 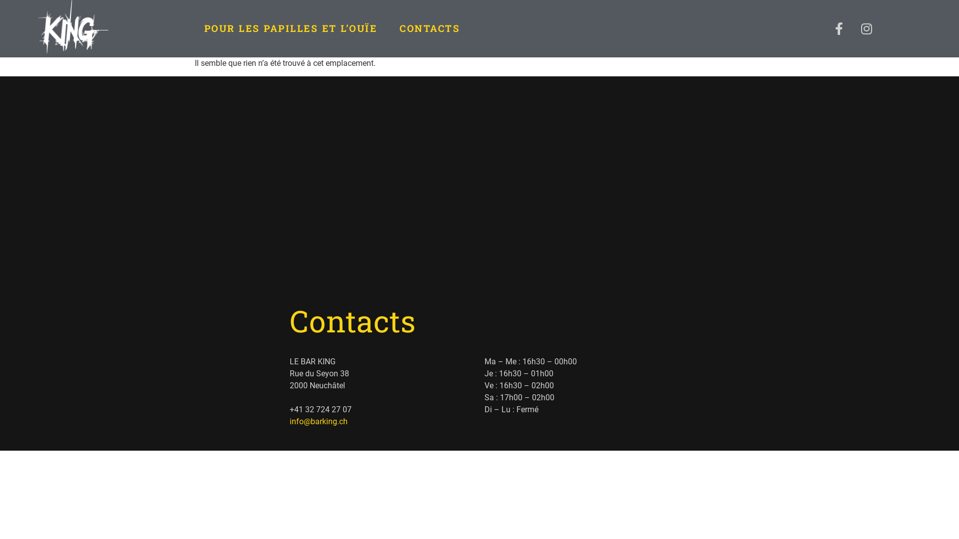 What do you see at coordinates (318, 421) in the screenshot?
I see `'info@barking.ch'` at bounding box center [318, 421].